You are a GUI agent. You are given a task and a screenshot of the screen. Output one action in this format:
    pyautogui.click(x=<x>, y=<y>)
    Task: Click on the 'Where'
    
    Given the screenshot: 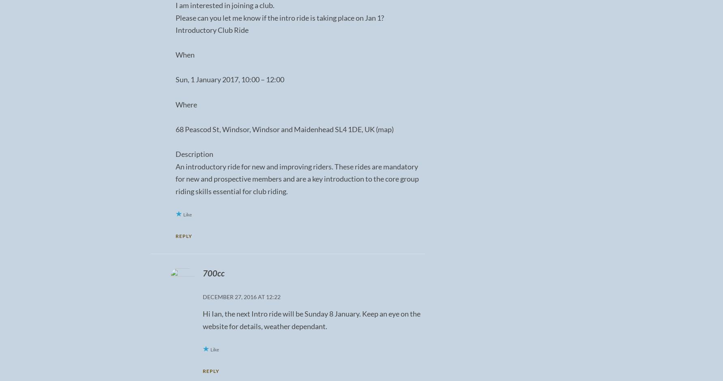 What is the action you would take?
    pyautogui.click(x=186, y=104)
    